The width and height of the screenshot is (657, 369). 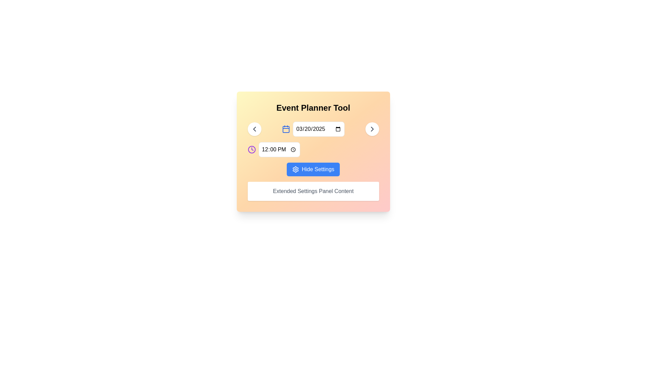 What do you see at coordinates (286, 129) in the screenshot?
I see `the light-colored rounded rectangle icon located at the center of the calendar icon with a blue outline, which is positioned at the center top of the application interface` at bounding box center [286, 129].